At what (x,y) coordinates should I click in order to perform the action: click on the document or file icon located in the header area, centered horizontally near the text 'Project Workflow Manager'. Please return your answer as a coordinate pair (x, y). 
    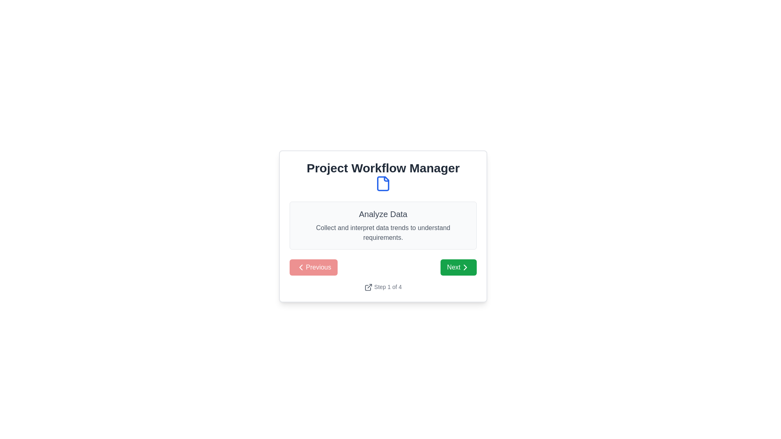
    Looking at the image, I should click on (382, 183).